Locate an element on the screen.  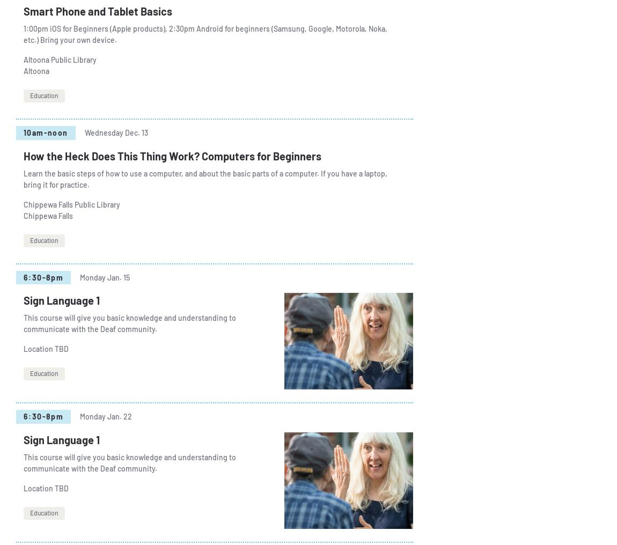
'Smart Phone and Tablet Basics' is located at coordinates (97, 11).